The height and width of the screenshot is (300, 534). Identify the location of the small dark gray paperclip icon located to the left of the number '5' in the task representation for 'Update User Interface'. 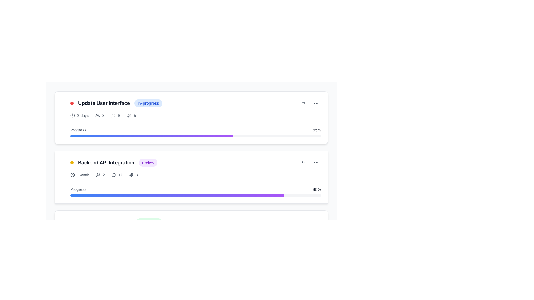
(129, 115).